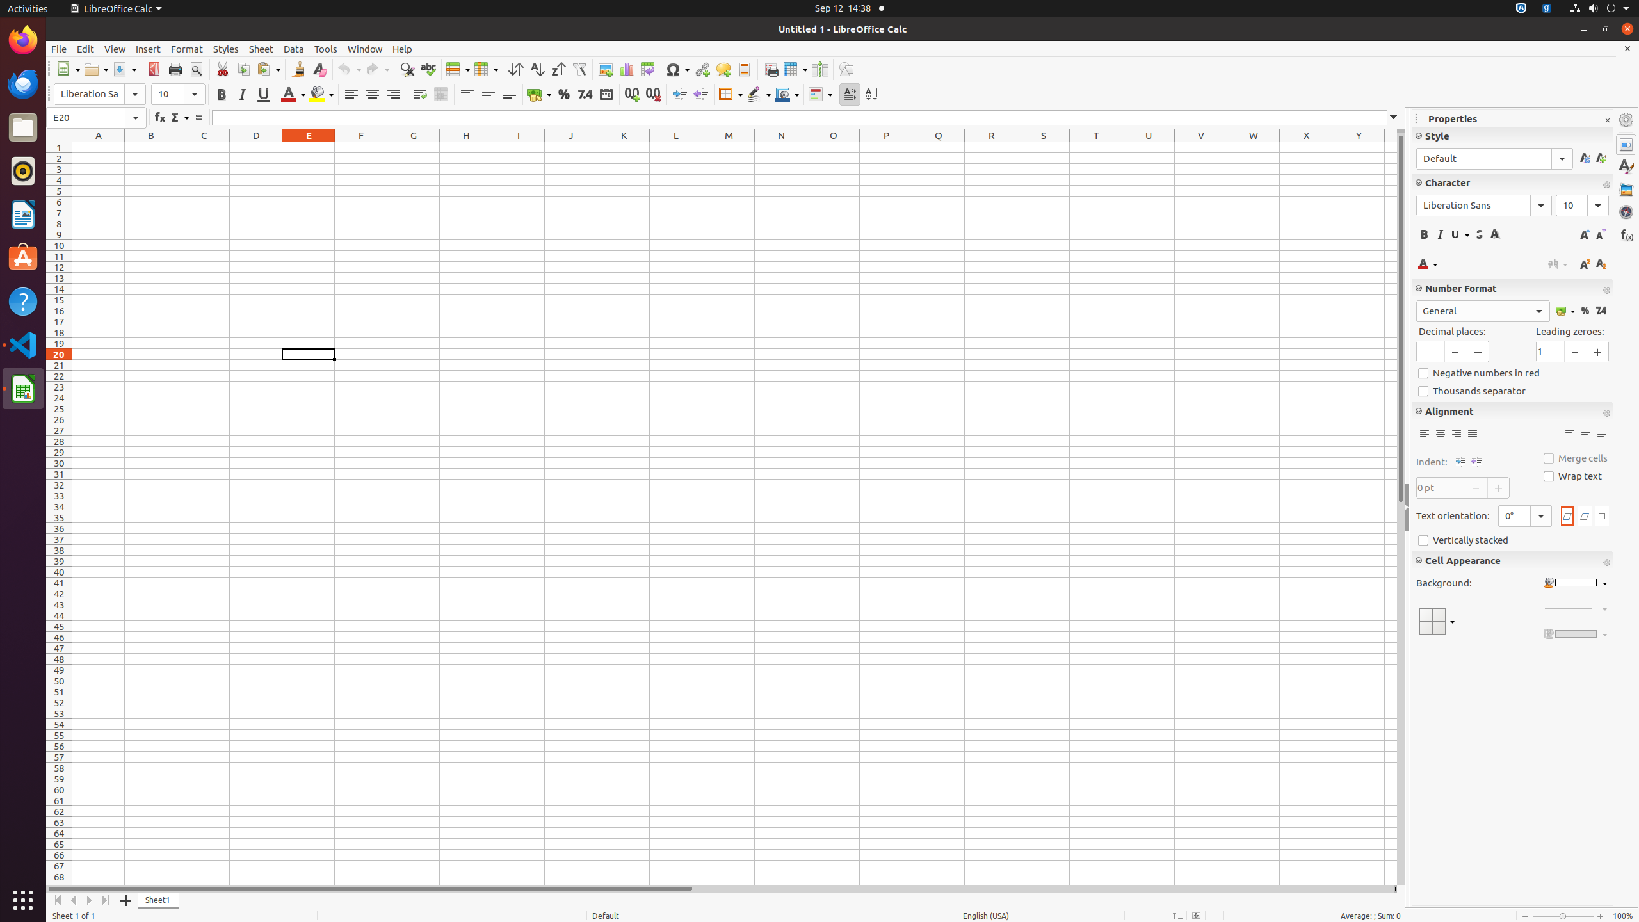 This screenshot has height=922, width=1639. I want to click on 'Column', so click(485, 69).